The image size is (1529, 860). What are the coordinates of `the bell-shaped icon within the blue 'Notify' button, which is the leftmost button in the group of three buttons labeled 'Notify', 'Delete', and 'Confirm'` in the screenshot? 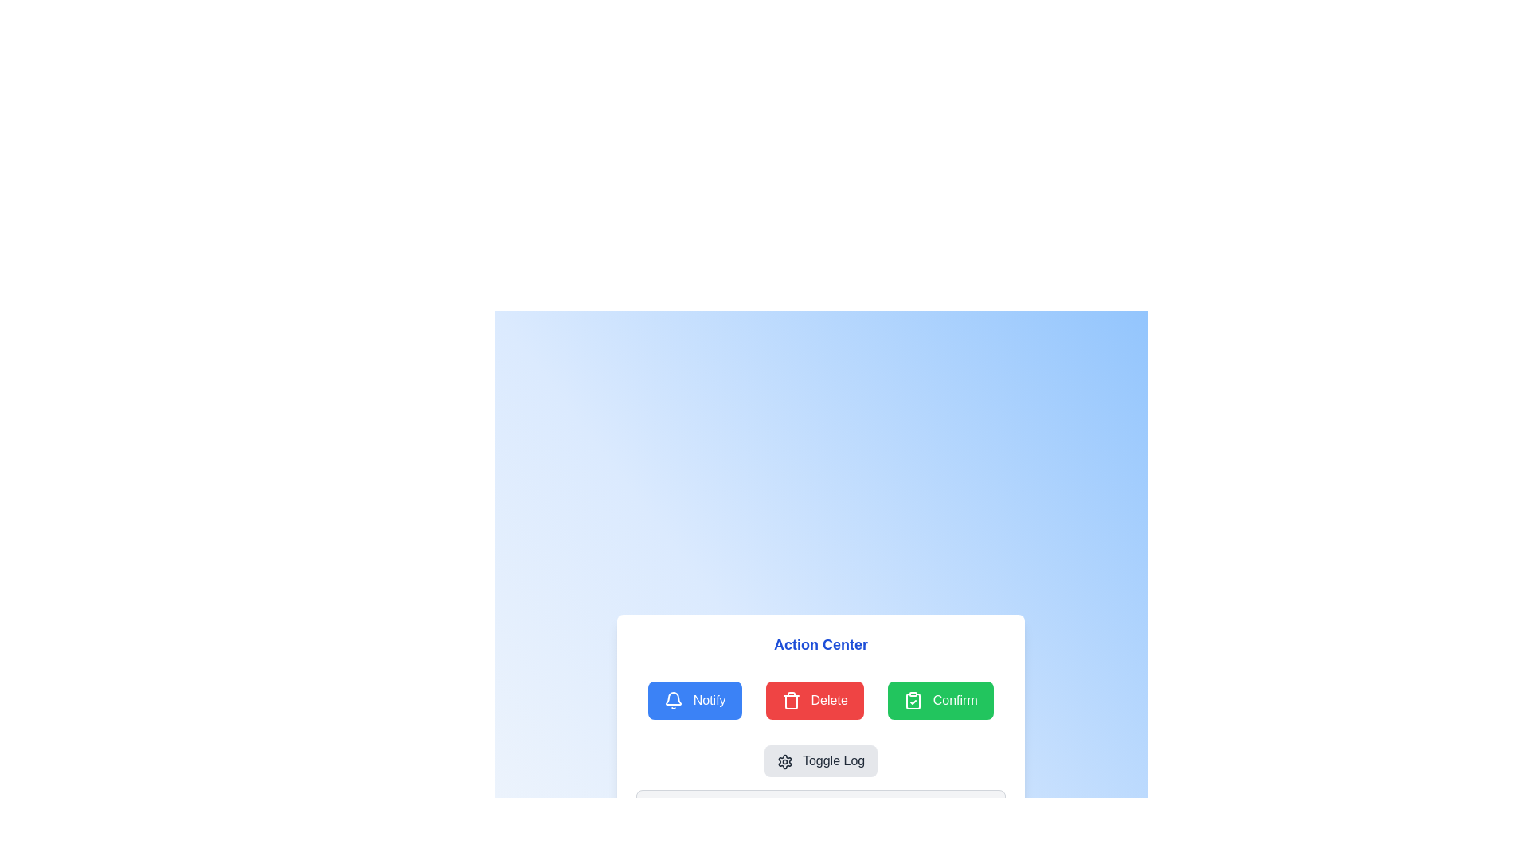 It's located at (674, 698).